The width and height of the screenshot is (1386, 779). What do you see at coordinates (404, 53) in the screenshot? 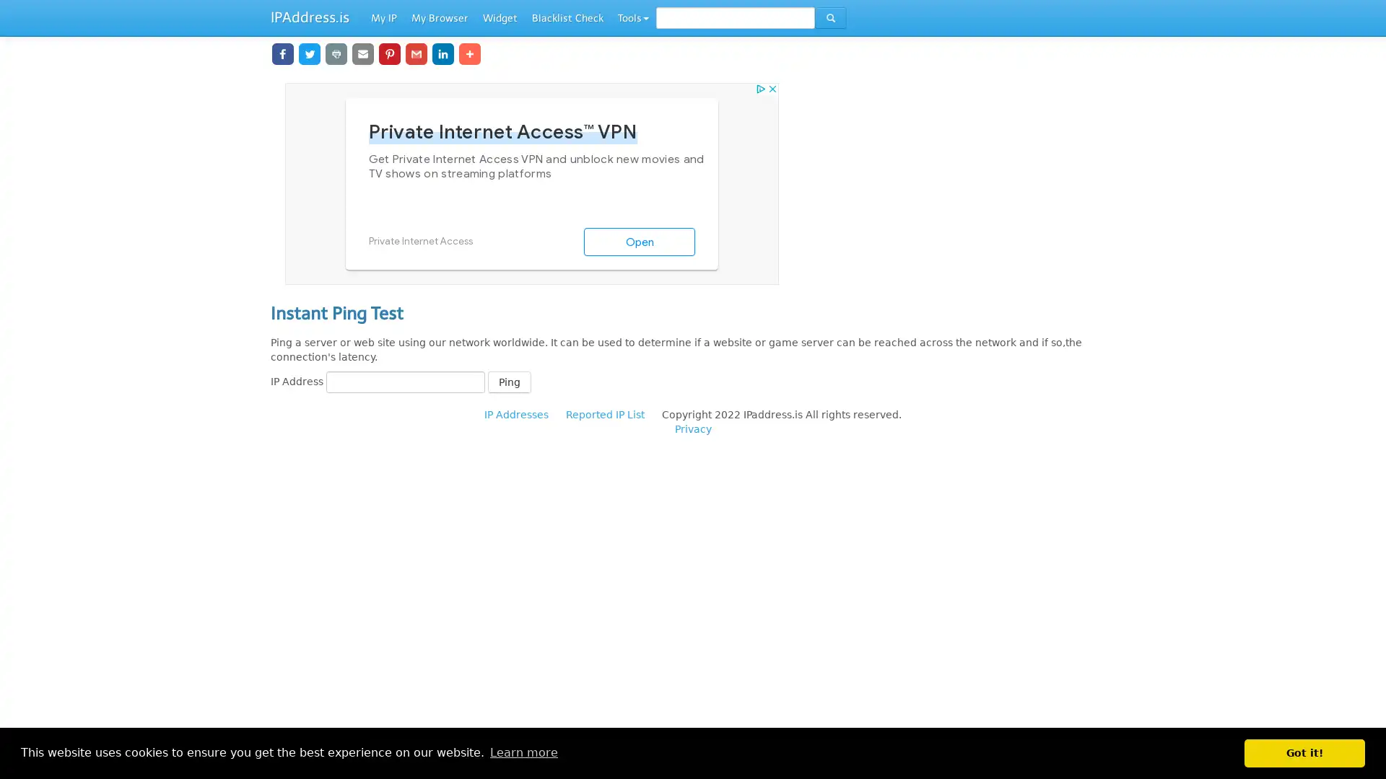
I see `Share to Gmail` at bounding box center [404, 53].